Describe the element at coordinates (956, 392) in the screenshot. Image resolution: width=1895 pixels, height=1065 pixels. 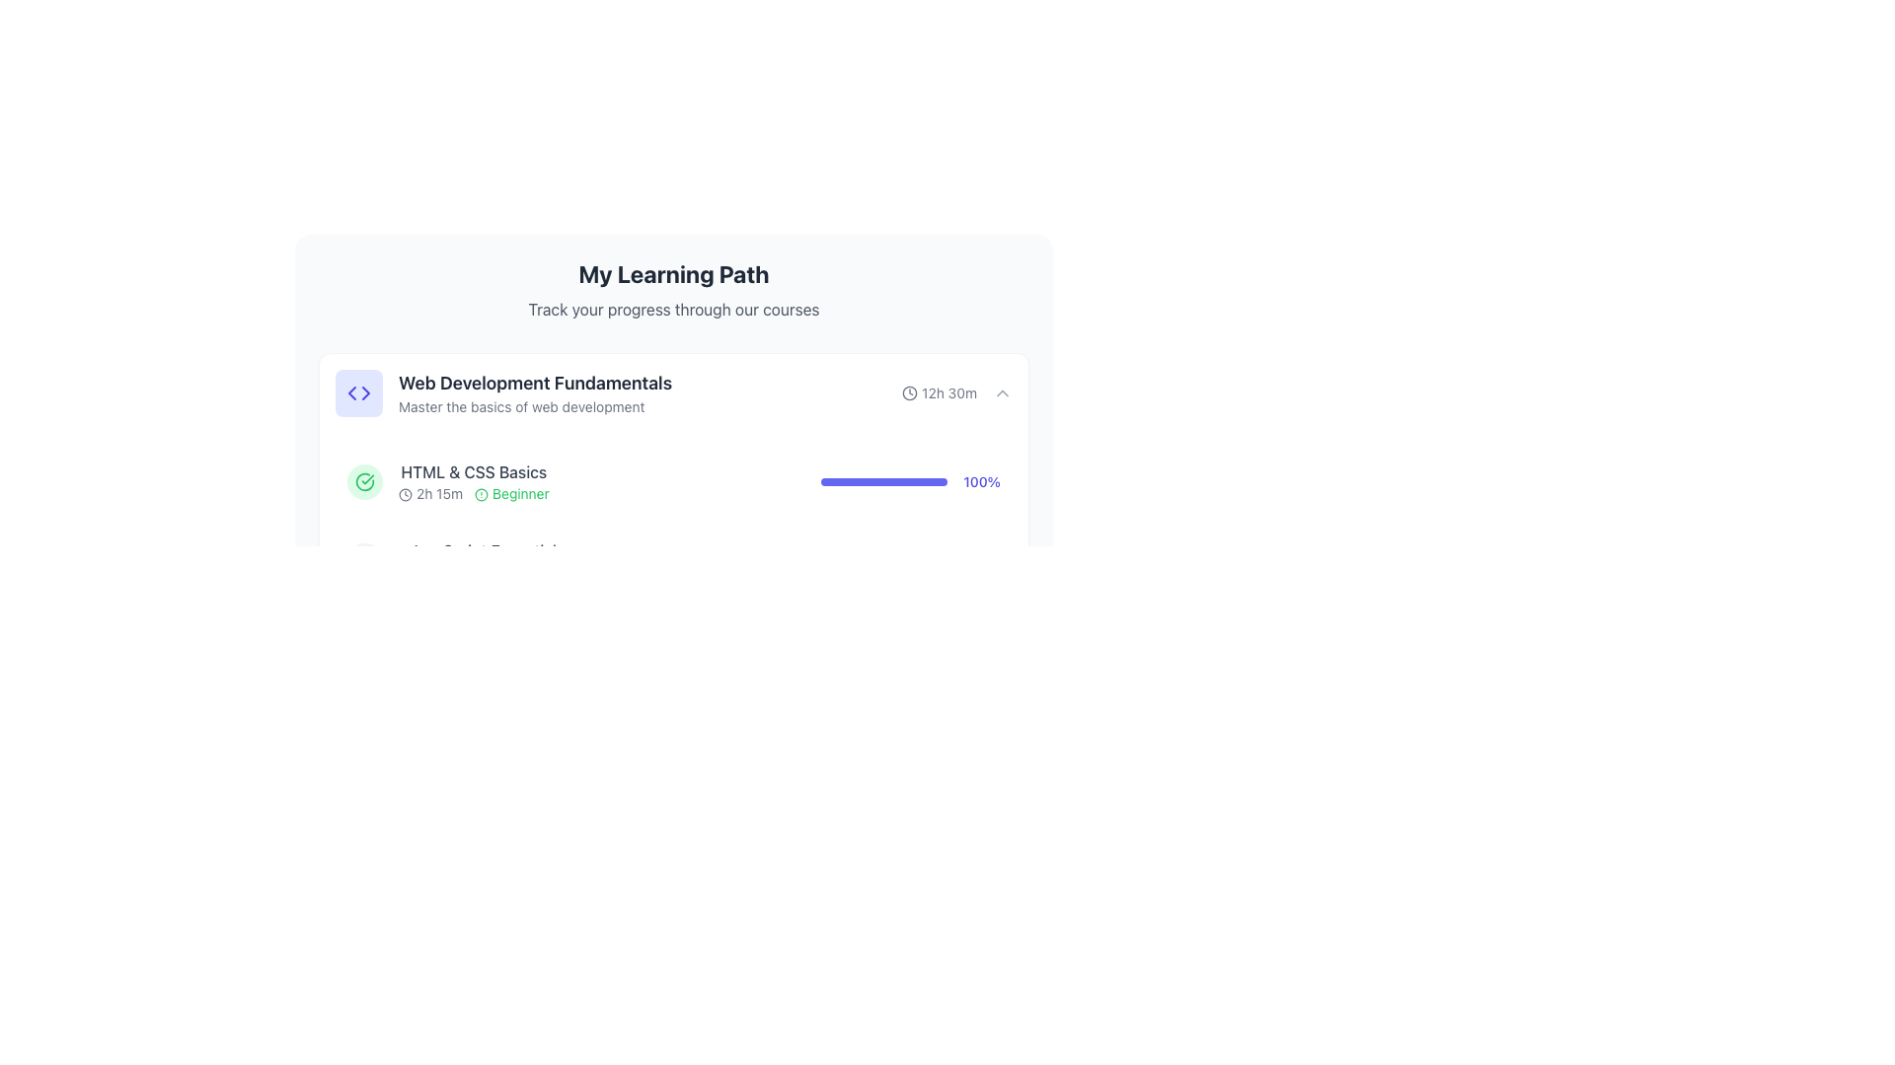
I see `the Label with icons displaying '12h 30m', which includes a clock icon on the left and an upward chevron icon on the right` at that location.